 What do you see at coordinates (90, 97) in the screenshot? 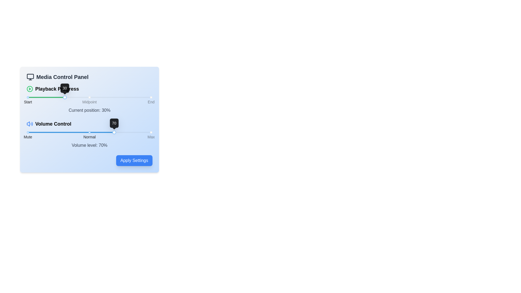
I see `playback progress` at bounding box center [90, 97].